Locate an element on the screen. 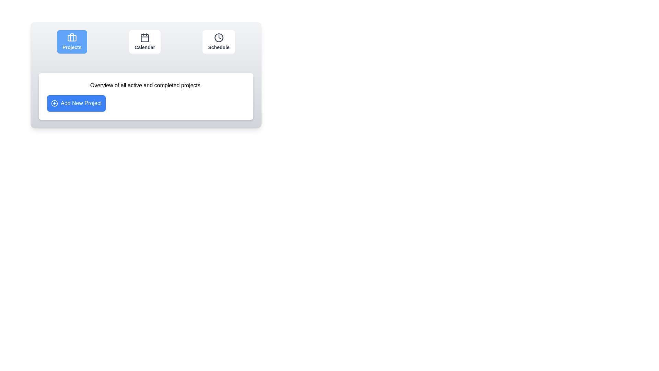 This screenshot has width=659, height=371. the Projects tab by clicking its icon is located at coordinates (72, 42).